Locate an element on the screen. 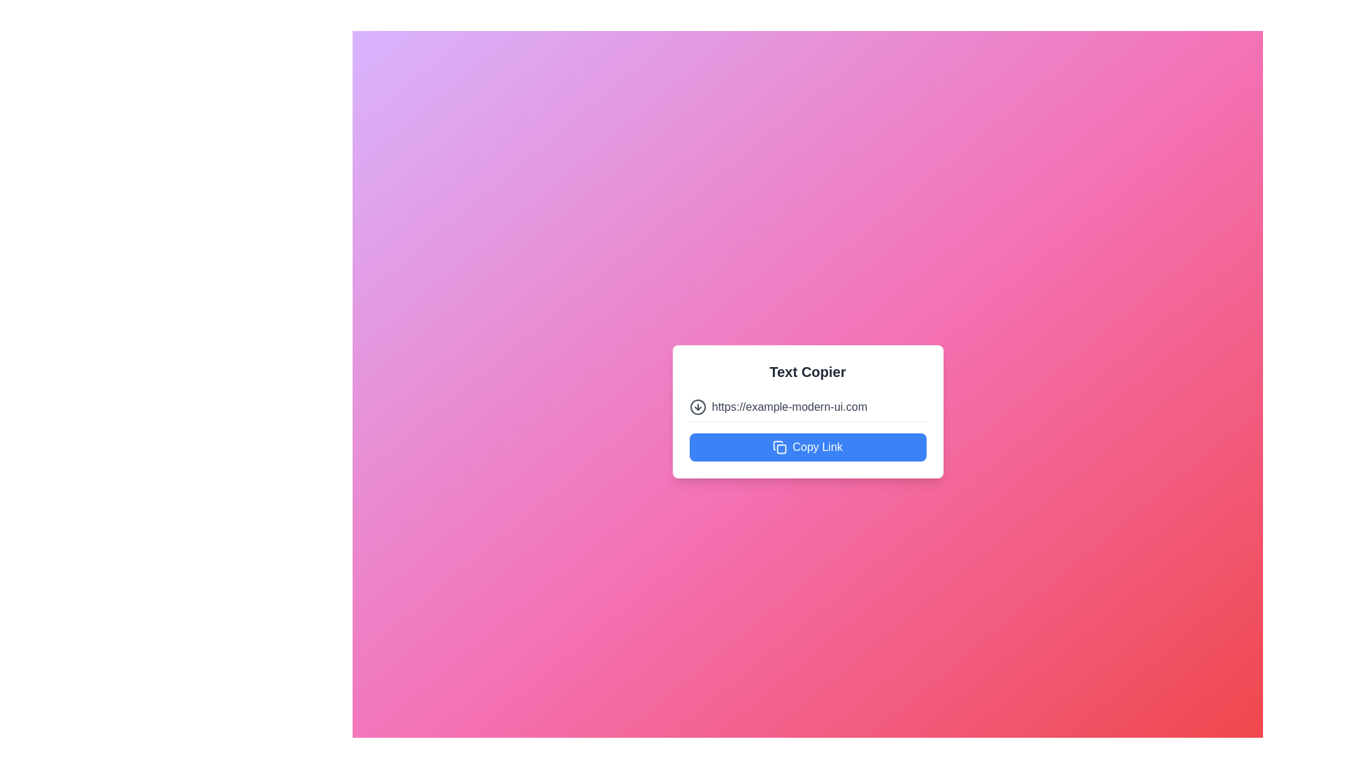 The height and width of the screenshot is (761, 1354). the 'Copy Link' button located below the 'Text Copier' title and above the text input field to copy the hyperlink to the clipboard is located at coordinates (807, 447).